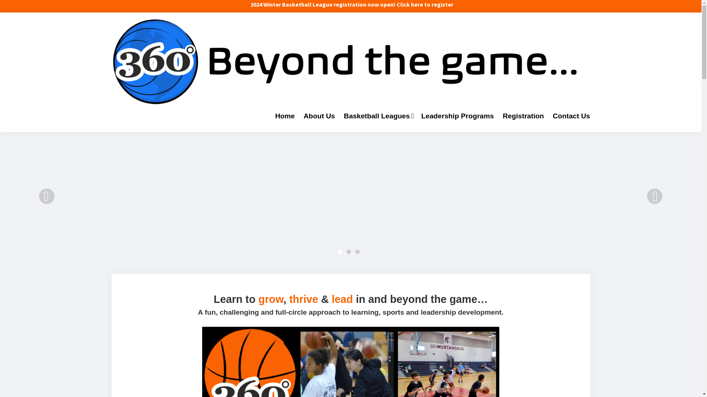  Describe the element at coordinates (284, 116) in the screenshot. I see `'Home'` at that location.